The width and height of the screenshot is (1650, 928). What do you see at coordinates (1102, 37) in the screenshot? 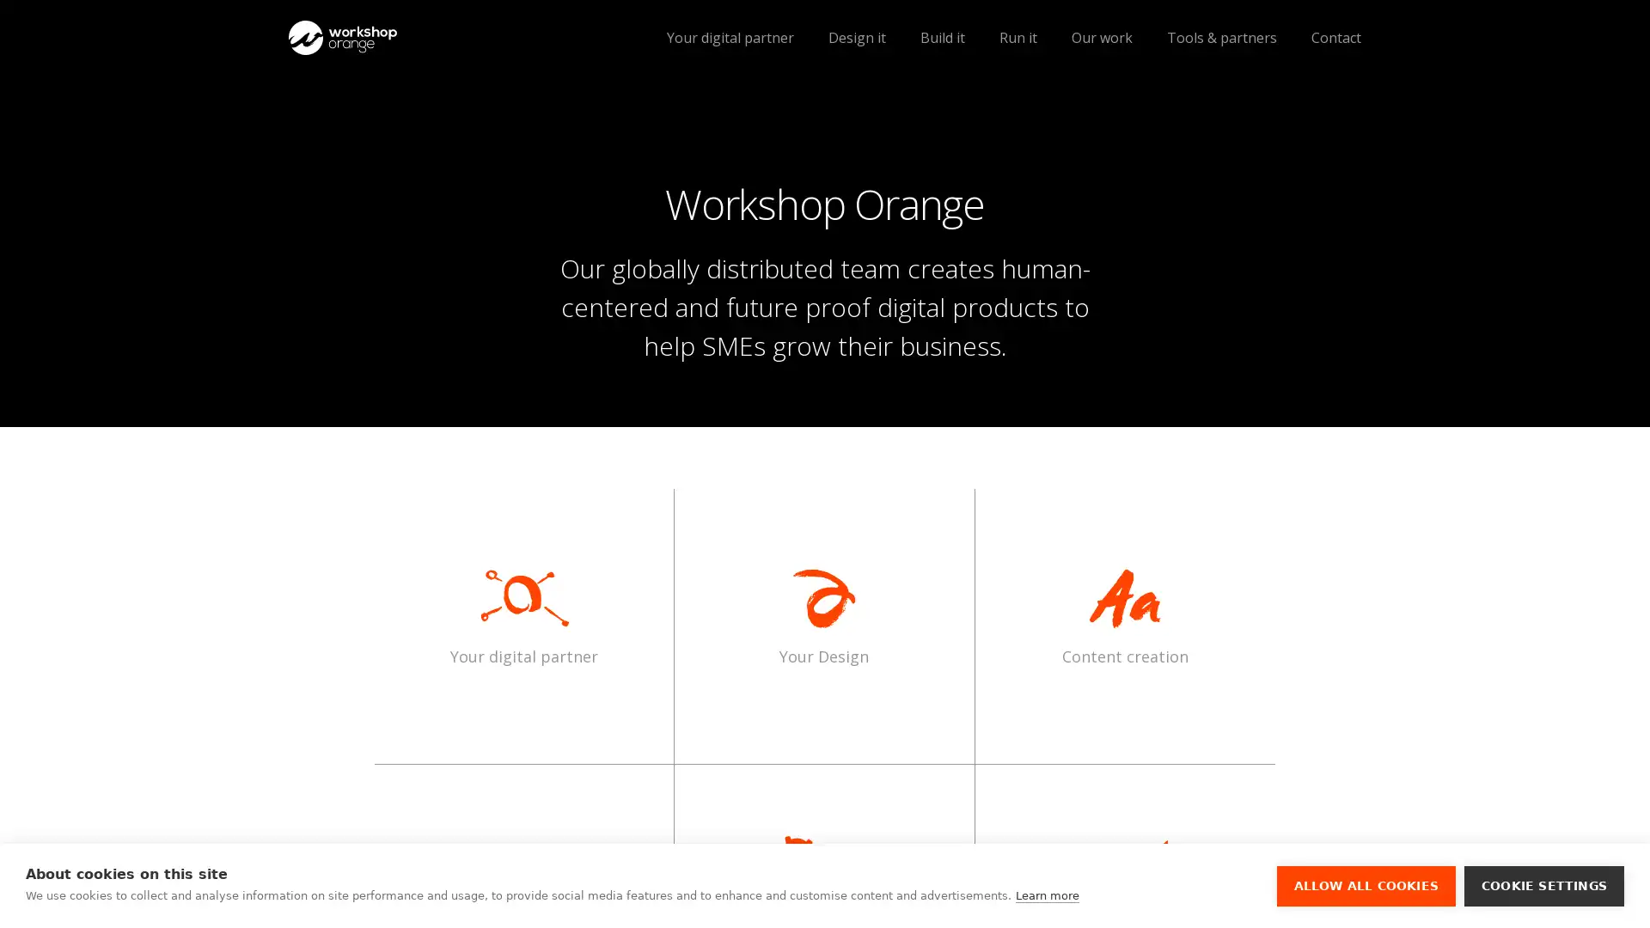
I see `Our work` at bounding box center [1102, 37].